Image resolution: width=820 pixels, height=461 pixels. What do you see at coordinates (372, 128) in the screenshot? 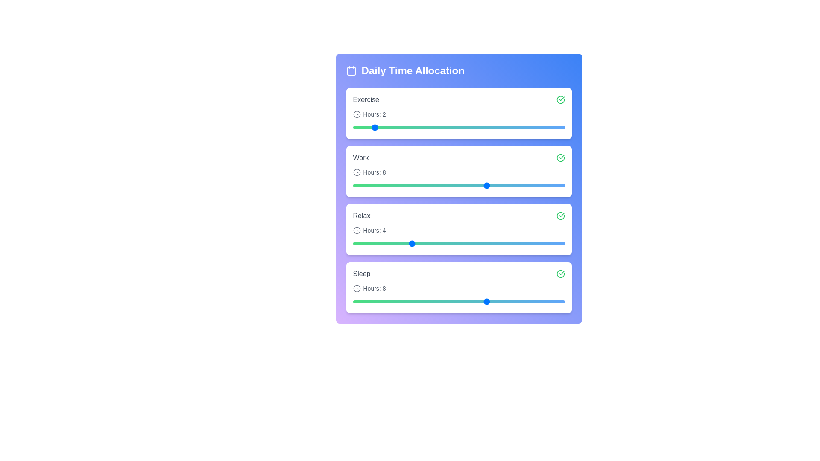
I see `the time allocation for a task by setting the slider to 2` at bounding box center [372, 128].